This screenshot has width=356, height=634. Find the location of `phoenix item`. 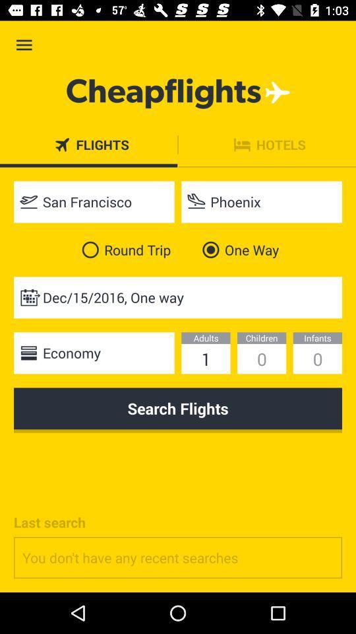

phoenix item is located at coordinates (262, 201).